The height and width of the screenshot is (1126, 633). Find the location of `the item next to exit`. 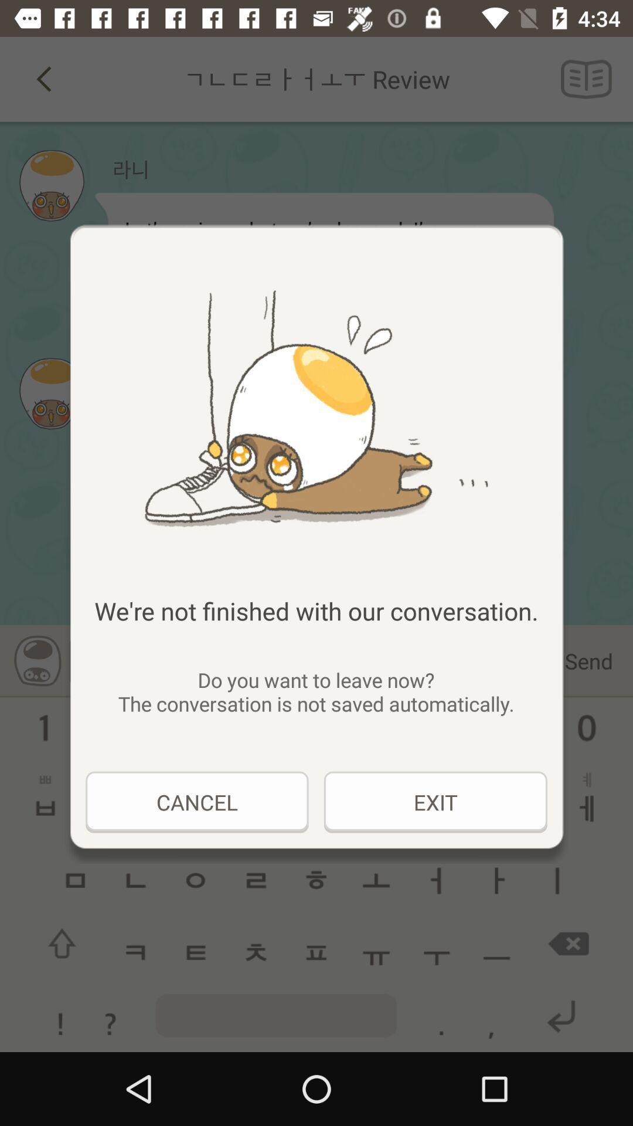

the item next to exit is located at coordinates (196, 802).